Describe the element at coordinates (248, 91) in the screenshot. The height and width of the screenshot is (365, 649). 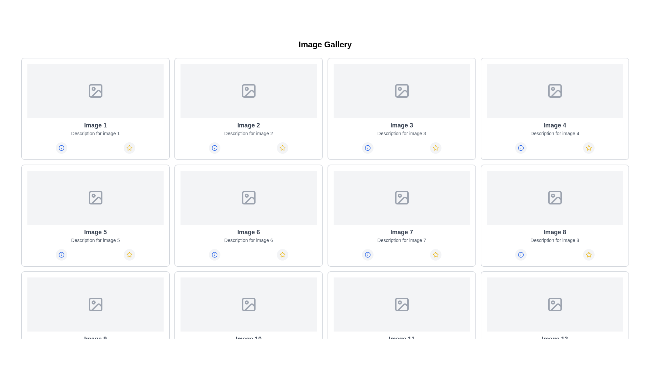
I see `the SVG icon representing an image outline with a circular dot and triangular shape inside a rectangular frame, located in the center of the second tile in the top row of the image gallery grid` at that location.